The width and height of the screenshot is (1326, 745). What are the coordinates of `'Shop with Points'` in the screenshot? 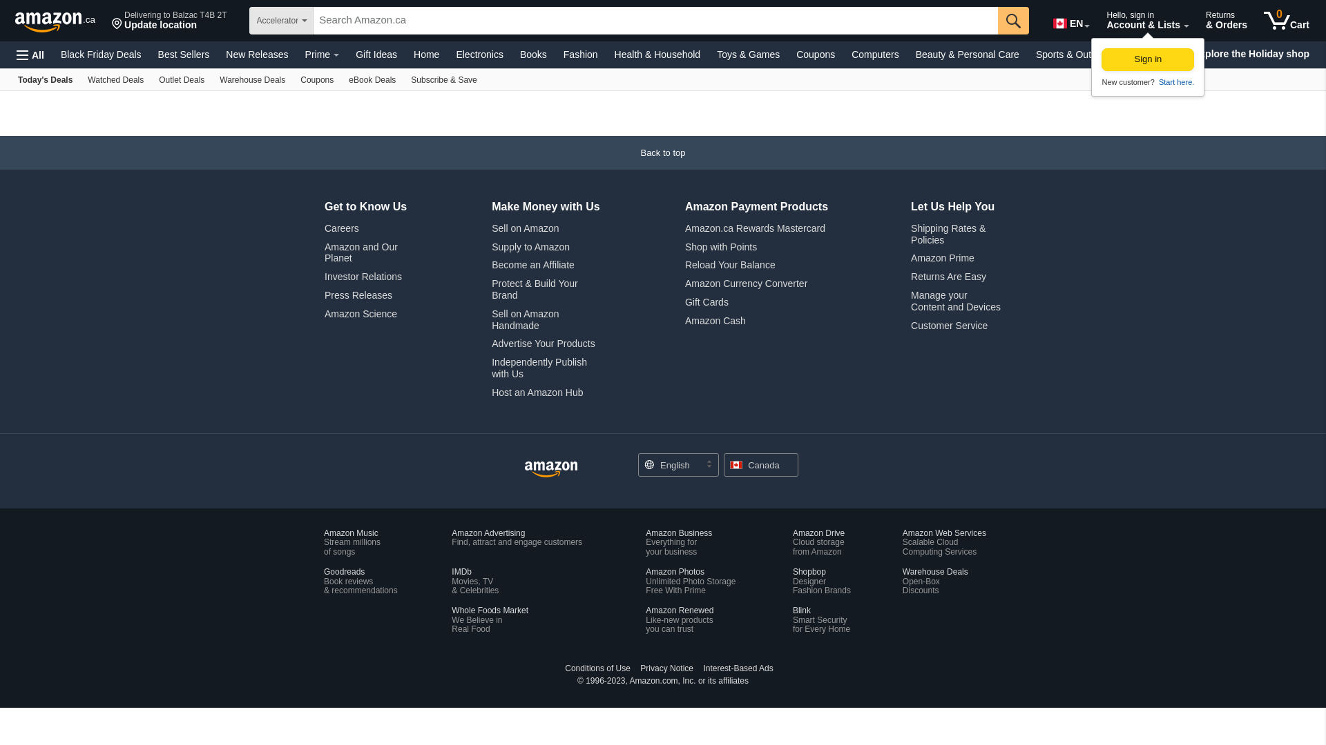 It's located at (720, 246).